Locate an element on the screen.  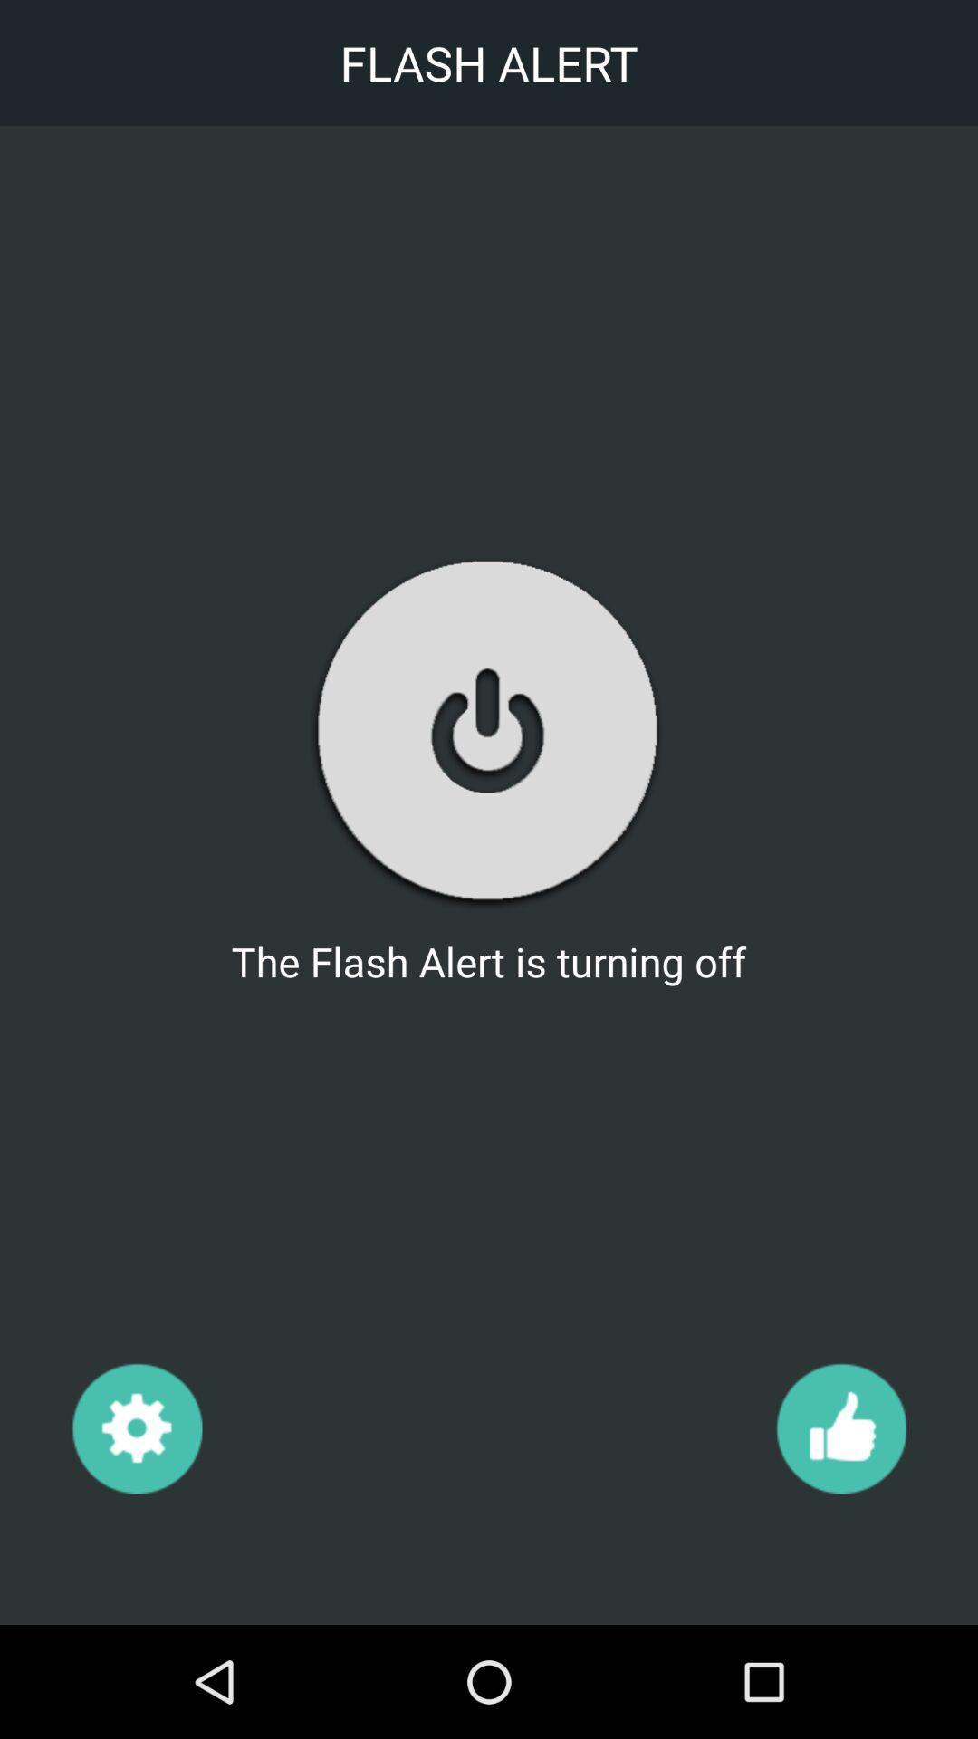
the settings icon is located at coordinates (136, 1427).